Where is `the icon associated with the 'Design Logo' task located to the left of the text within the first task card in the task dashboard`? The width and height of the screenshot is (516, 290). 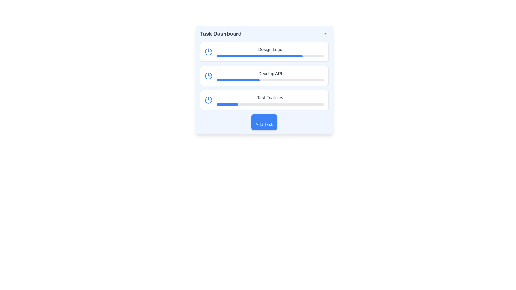 the icon associated with the 'Design Logo' task located to the left of the text within the first task card in the task dashboard is located at coordinates (208, 52).